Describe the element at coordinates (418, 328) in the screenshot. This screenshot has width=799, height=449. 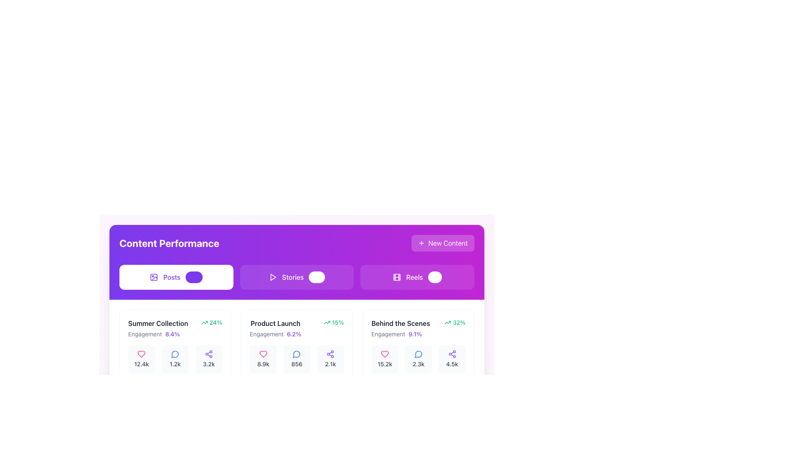
I see `the Informative Card Header titled 'Behind the Scenes', which displays the engagement indicator '9.1%' in a highlighted purple color, located in the rightmost card under the 'Content Performance' section` at that location.